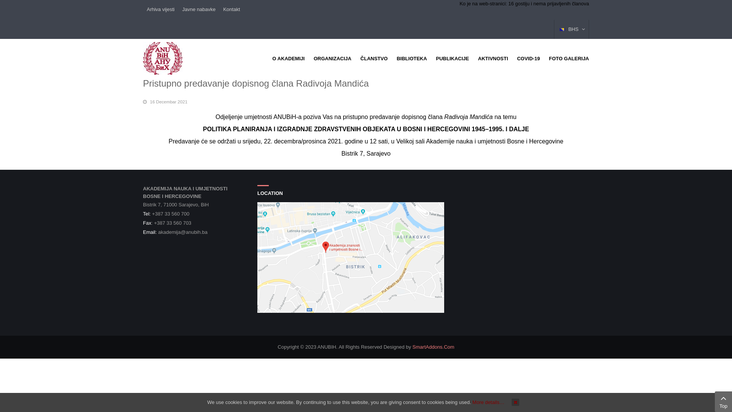  What do you see at coordinates (569, 58) in the screenshot?
I see `'FOTO GALERIJA'` at bounding box center [569, 58].